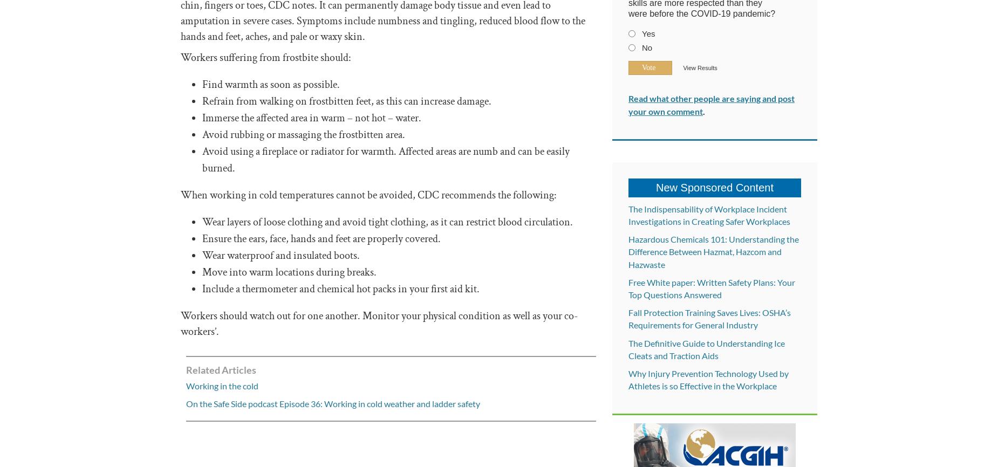  Describe the element at coordinates (703, 111) in the screenshot. I see `'.'` at that location.